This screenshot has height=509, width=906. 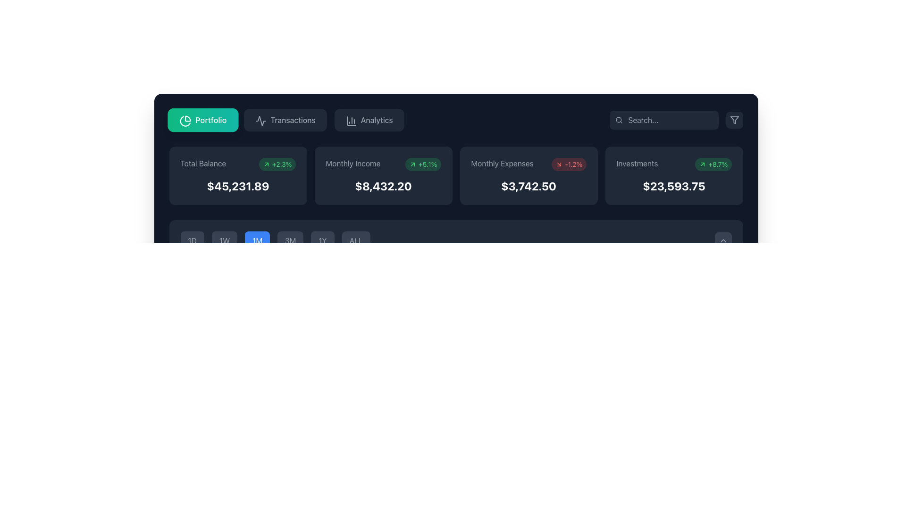 I want to click on the 'Analytics' button located in the row of buttons for navigation to the Analytics section, so click(x=369, y=119).